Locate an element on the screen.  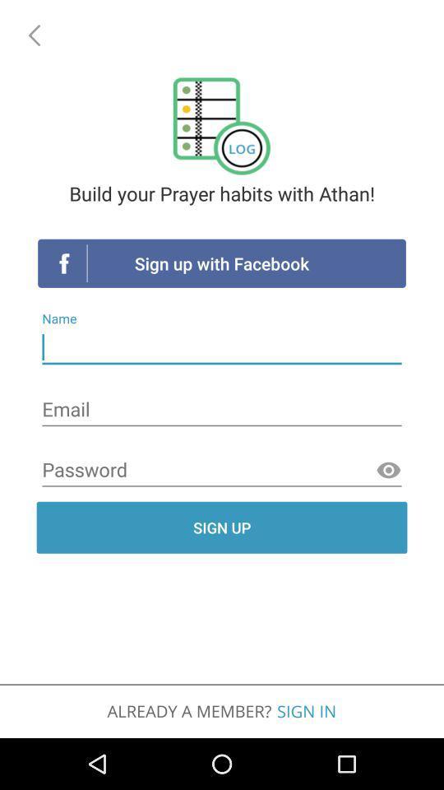
the icon of which is above name is located at coordinates (62, 263).